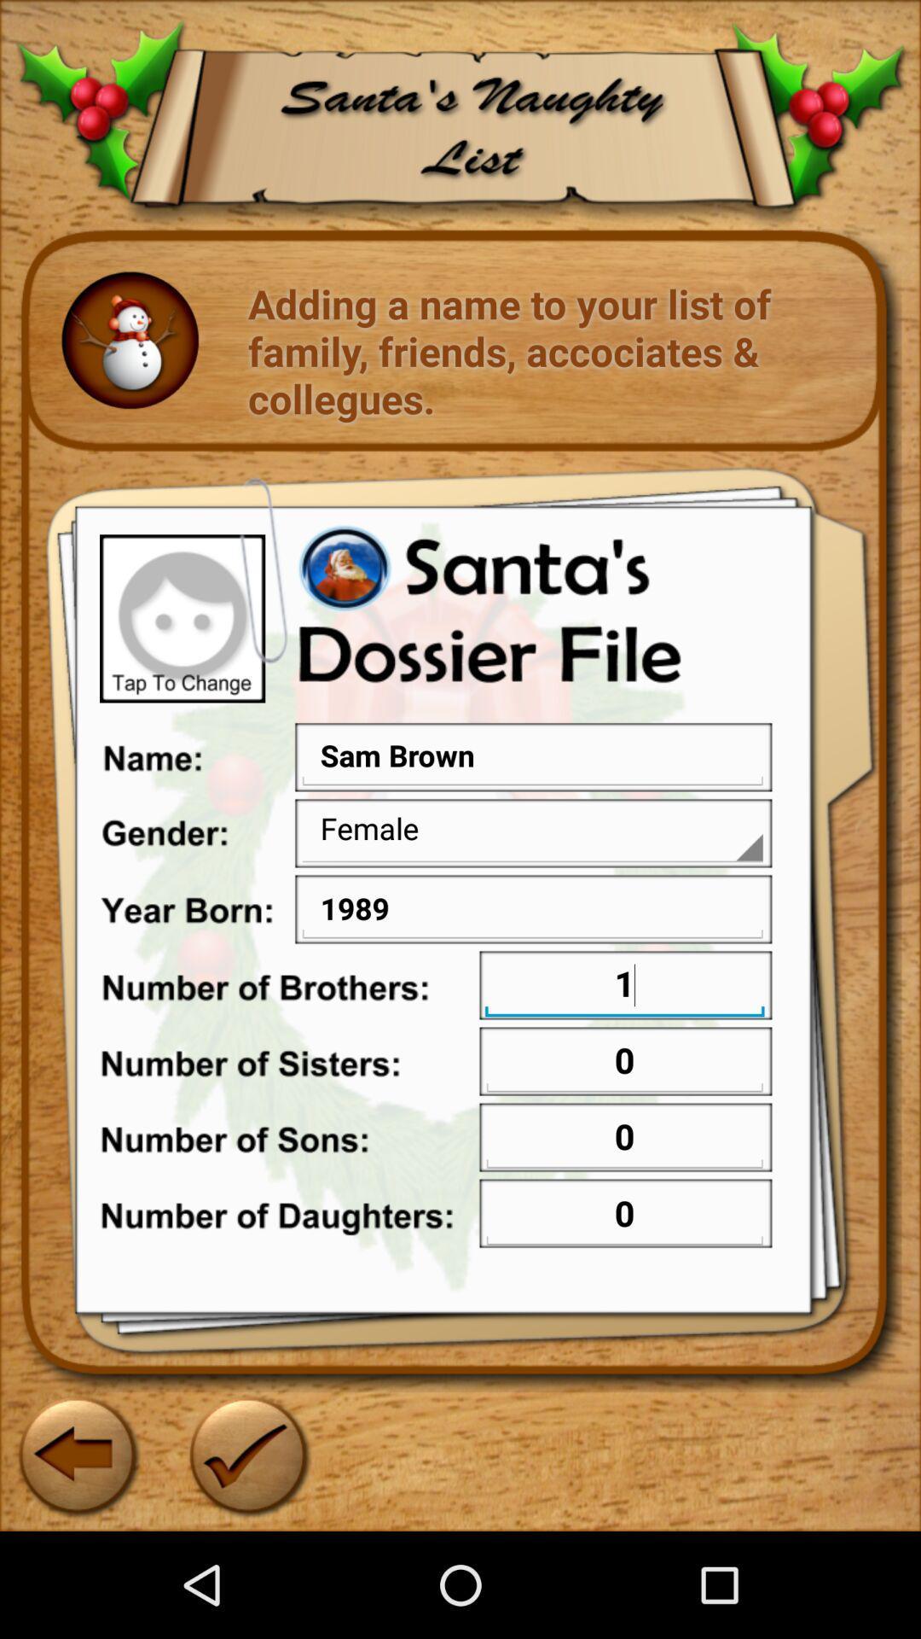 Image resolution: width=921 pixels, height=1639 pixels. What do you see at coordinates (624, 1139) in the screenshot?
I see `0 above 0` at bounding box center [624, 1139].